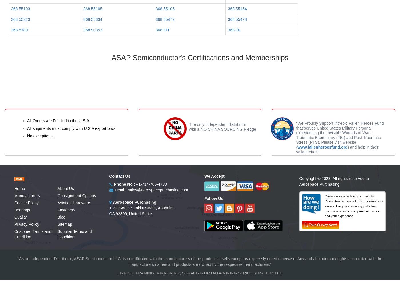  I want to click on 'sales@aerospacepurchasing.com', so click(128, 189).